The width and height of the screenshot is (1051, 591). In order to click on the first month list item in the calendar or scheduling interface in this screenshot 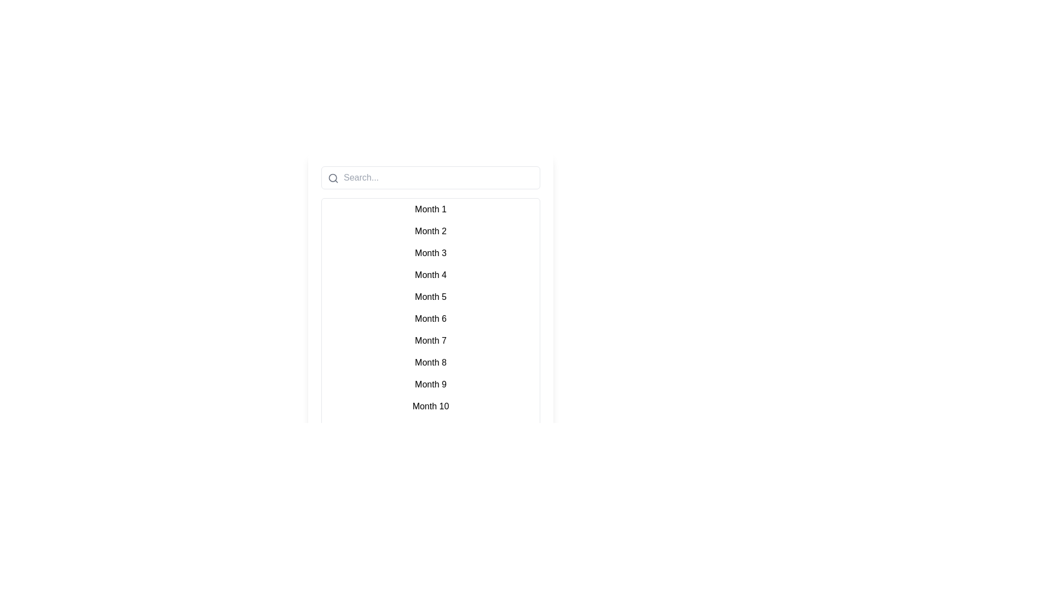, I will do `click(430, 209)`.